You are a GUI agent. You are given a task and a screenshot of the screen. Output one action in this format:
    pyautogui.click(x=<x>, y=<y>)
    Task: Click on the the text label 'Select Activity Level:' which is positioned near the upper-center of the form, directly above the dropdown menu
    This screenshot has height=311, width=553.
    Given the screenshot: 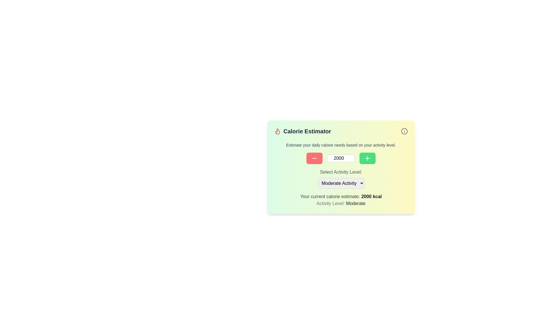 What is the action you would take?
    pyautogui.click(x=341, y=172)
    